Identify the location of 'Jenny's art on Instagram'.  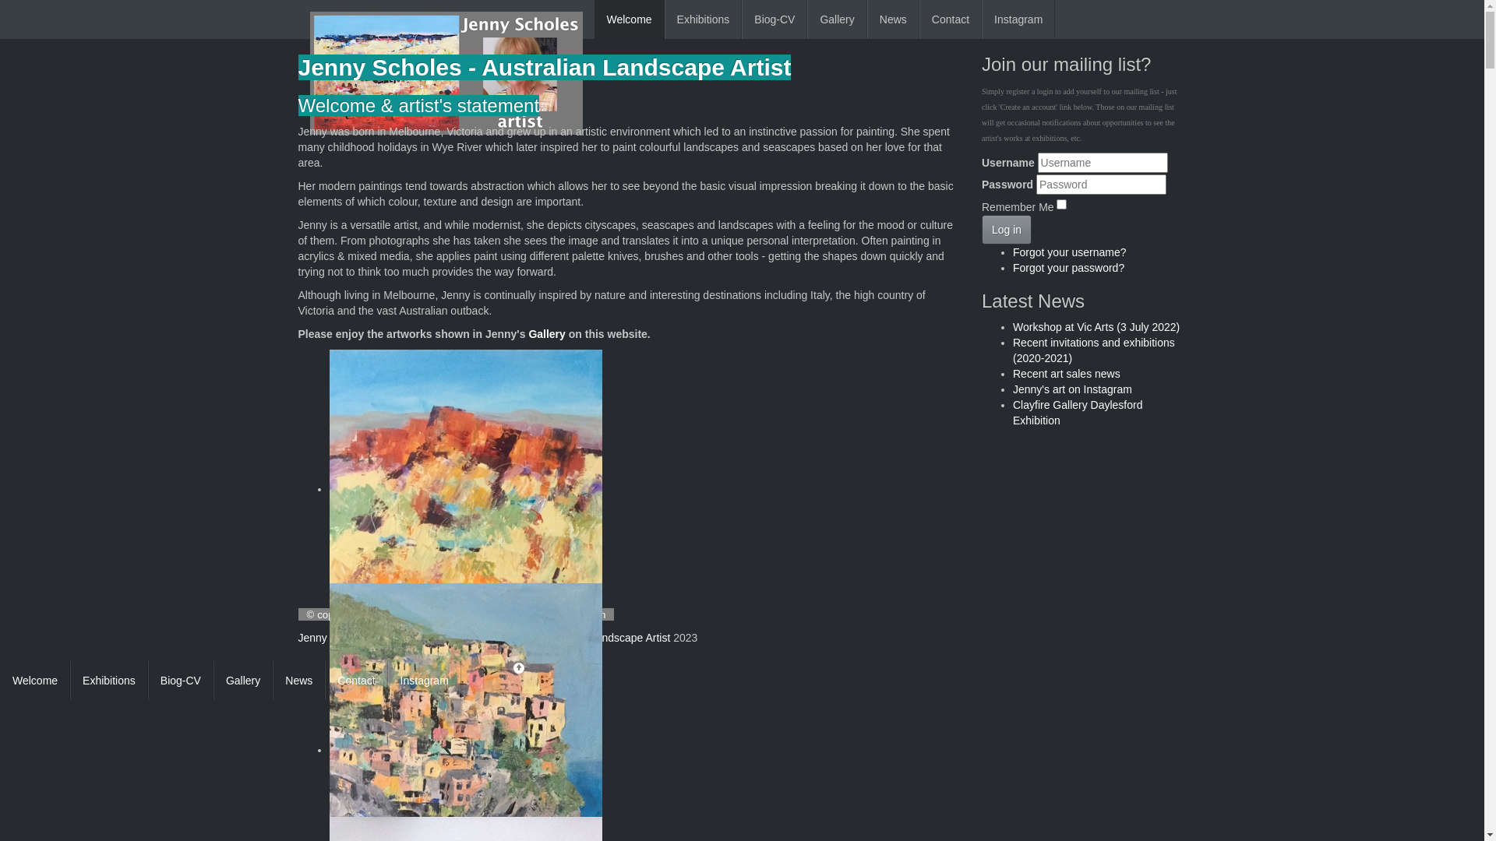
(1071, 389).